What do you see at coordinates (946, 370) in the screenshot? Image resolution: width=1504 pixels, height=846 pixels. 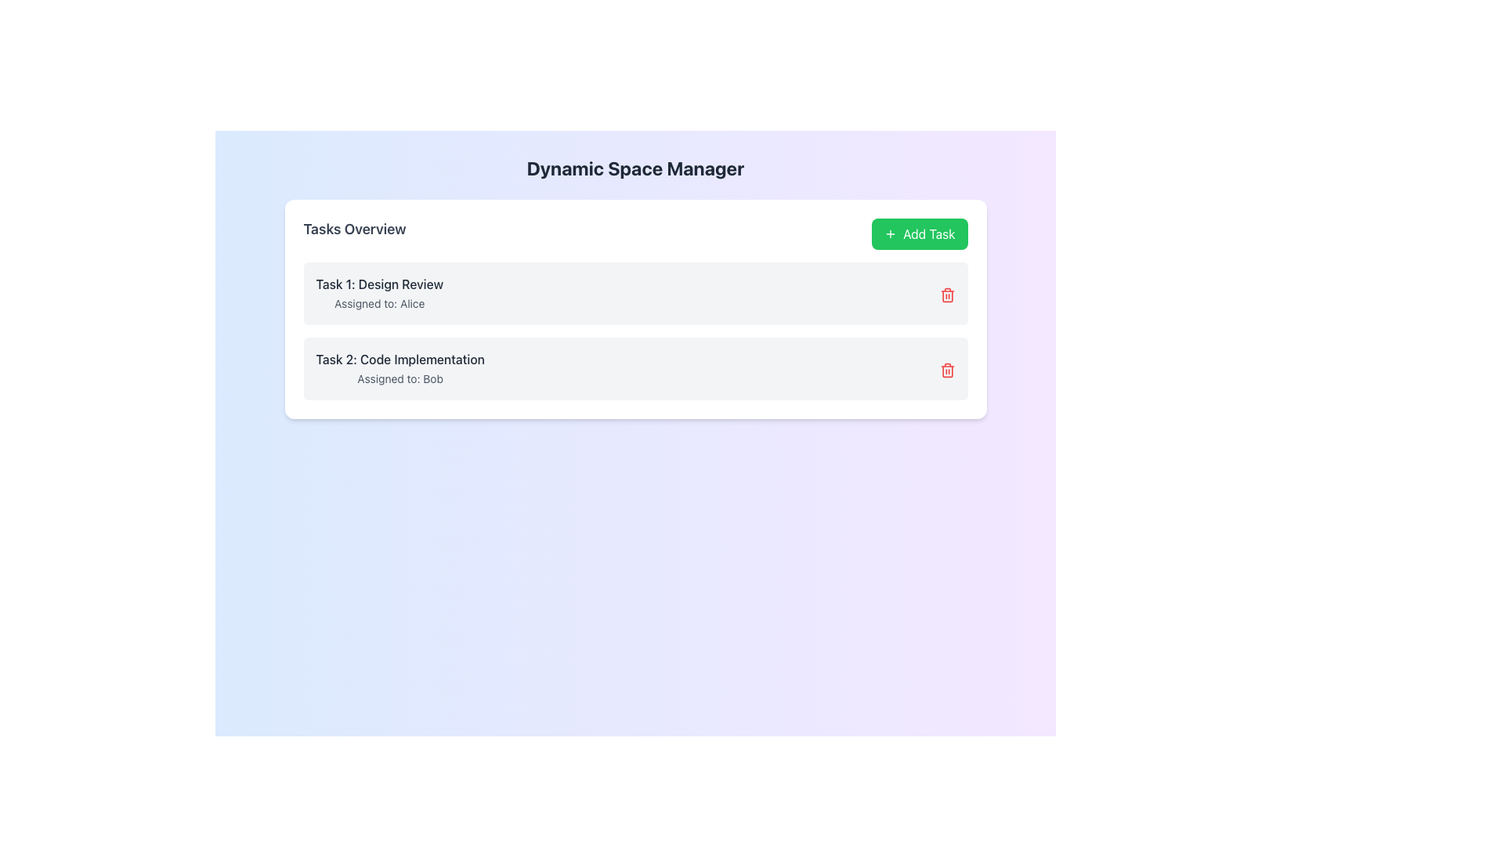 I see `the small red trash can icon button located in the lower-right corner of the 'Task 2: Code Implementation' card` at bounding box center [946, 370].